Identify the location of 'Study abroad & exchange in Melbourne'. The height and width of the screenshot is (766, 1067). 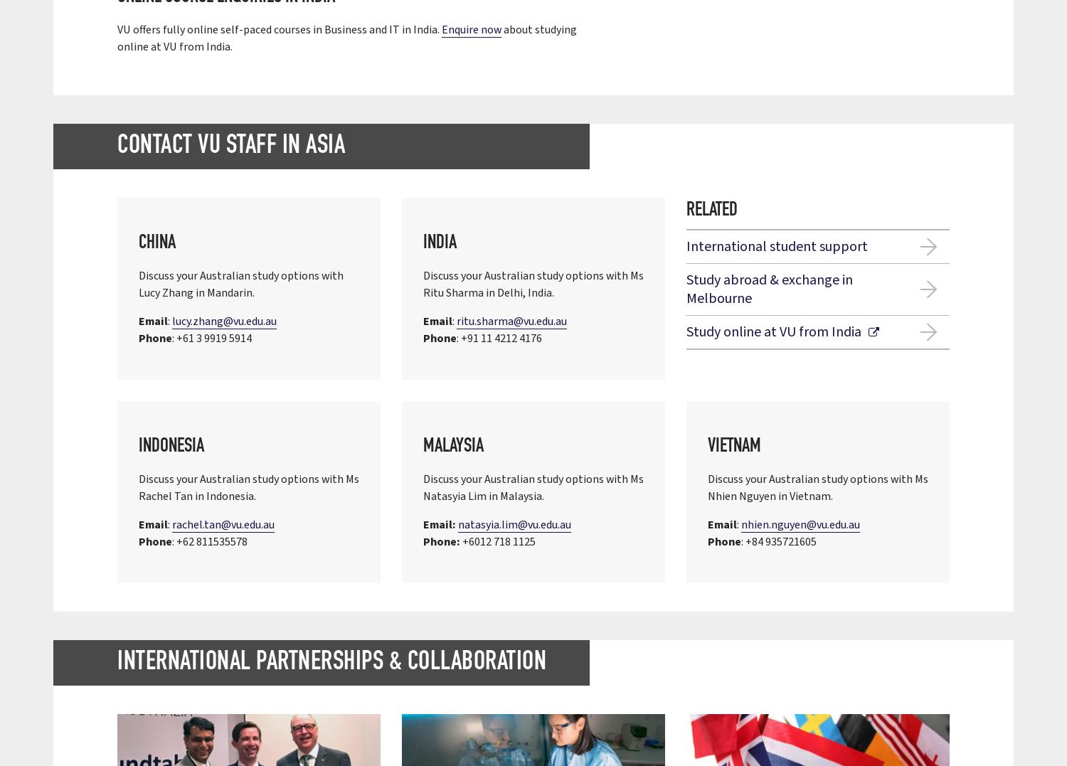
(768, 289).